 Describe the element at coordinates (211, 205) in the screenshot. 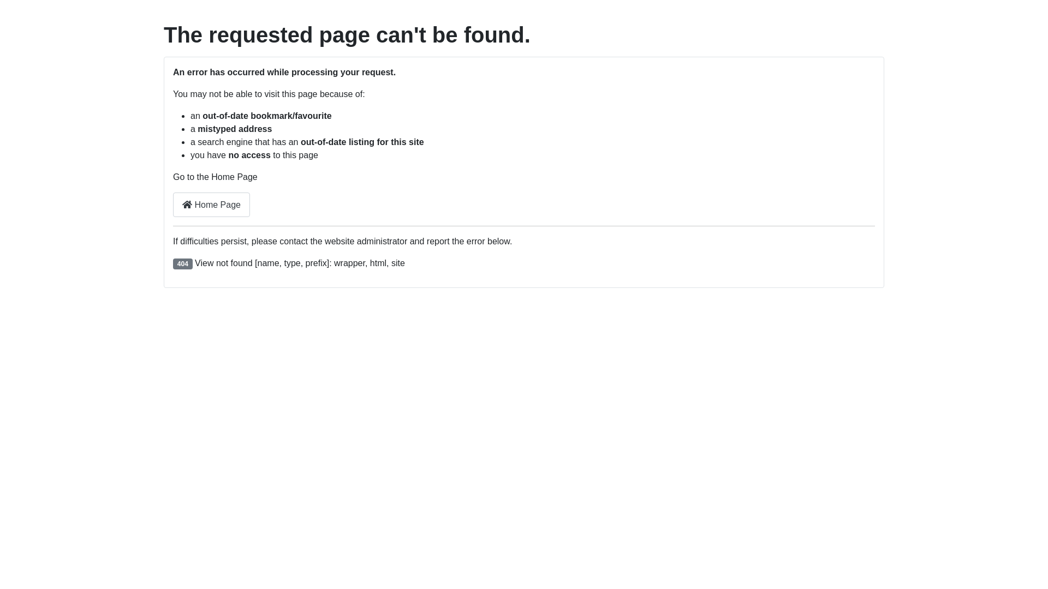

I see `'Home Page'` at that location.